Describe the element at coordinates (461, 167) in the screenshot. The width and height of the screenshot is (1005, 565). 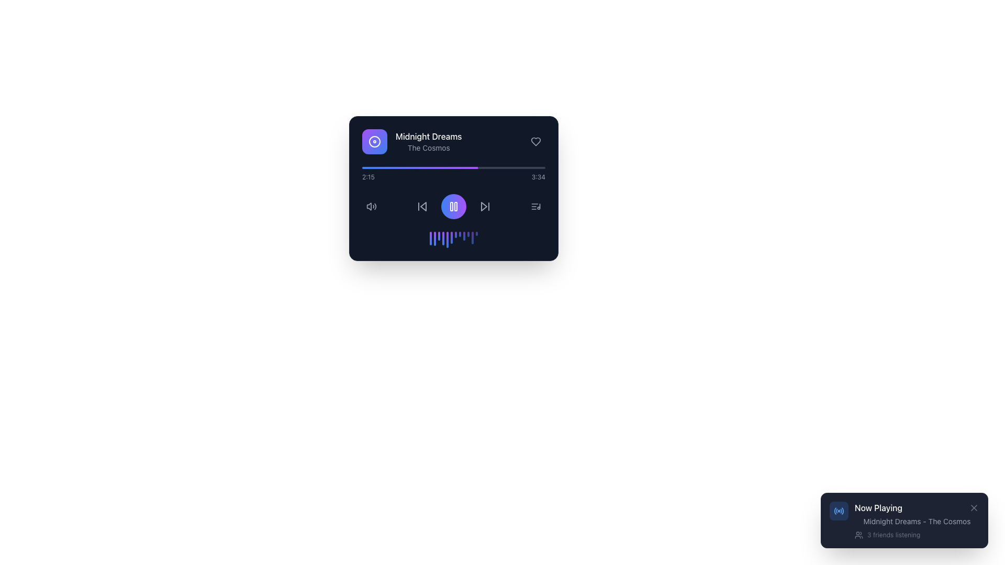
I see `playback time` at that location.